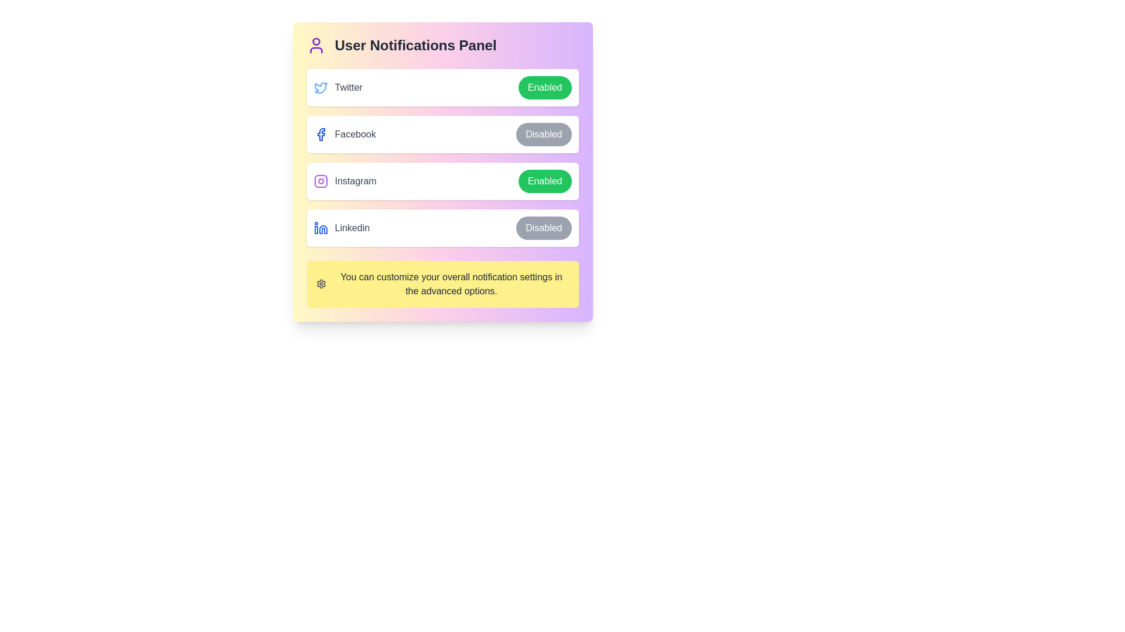  What do you see at coordinates (352, 228) in the screenshot?
I see `the 'Linkedin' text label, which is styled in gray and located in the fourth notification row of the User Notifications Panel, aligned with the LinkedIn icon to its left` at bounding box center [352, 228].